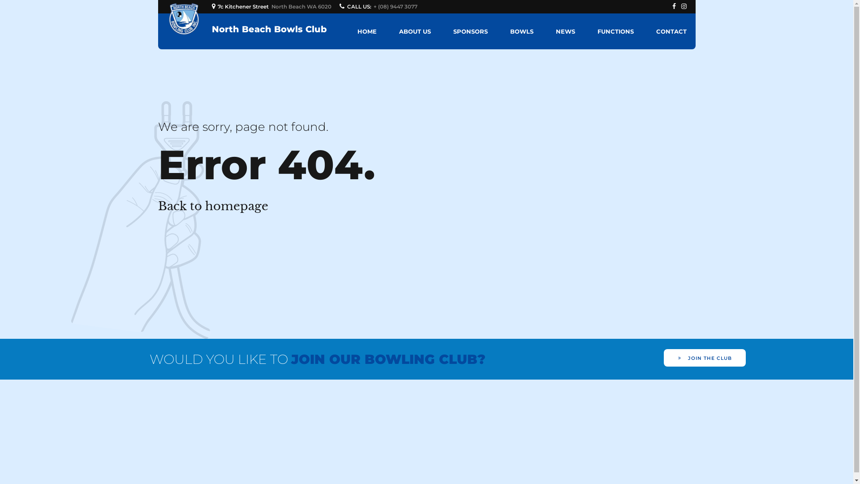 The width and height of the screenshot is (860, 484). Describe the element at coordinates (212, 206) in the screenshot. I see `'Back to homepage'` at that location.